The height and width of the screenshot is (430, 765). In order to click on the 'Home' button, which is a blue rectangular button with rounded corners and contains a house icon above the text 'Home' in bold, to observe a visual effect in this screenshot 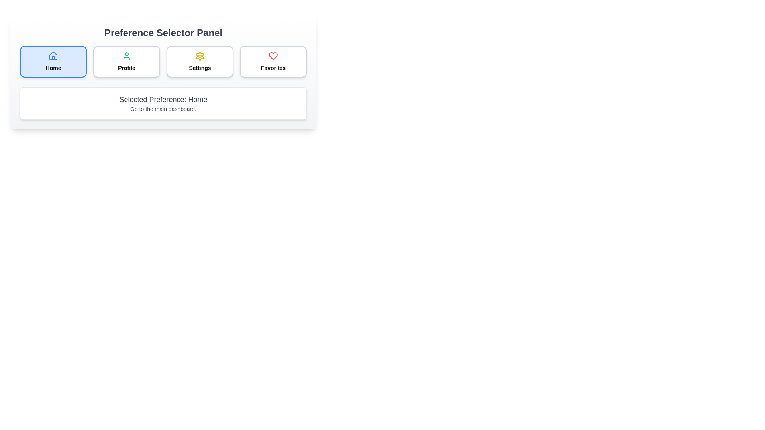, I will do `click(53, 61)`.